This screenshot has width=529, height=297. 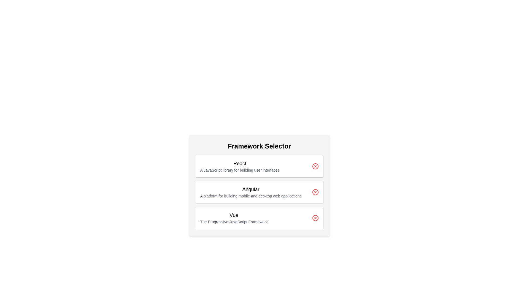 What do you see at coordinates (259, 166) in the screenshot?
I see `the framework card labeled React` at bounding box center [259, 166].